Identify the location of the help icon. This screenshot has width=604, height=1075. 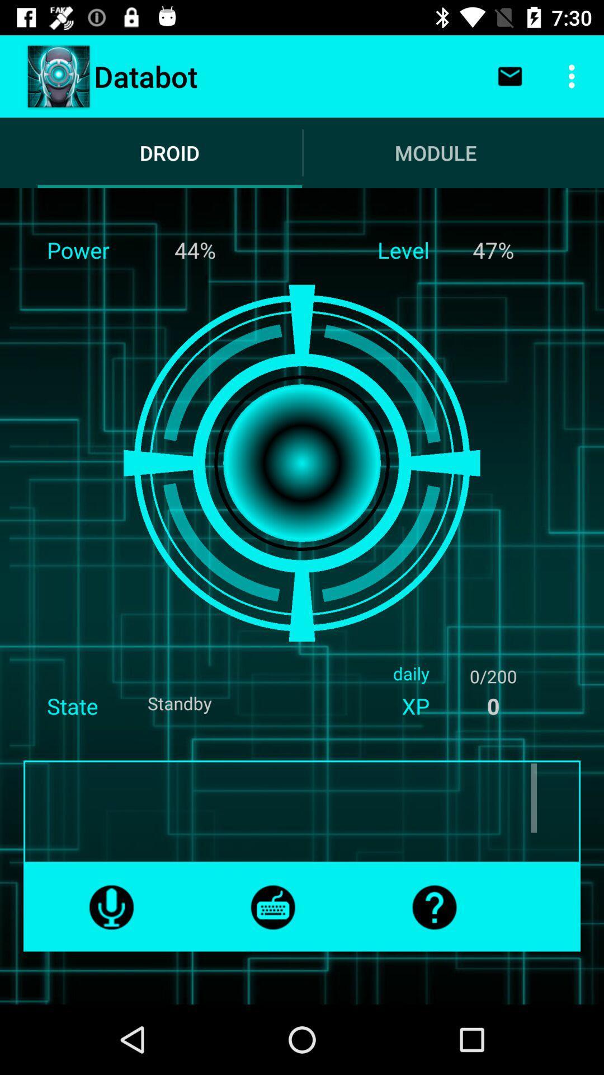
(433, 907).